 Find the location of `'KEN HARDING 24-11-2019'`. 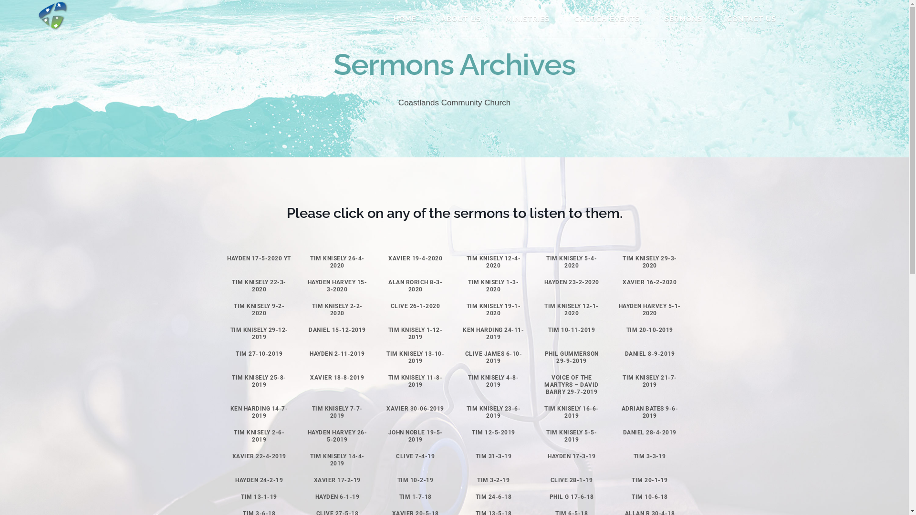

'KEN HARDING 24-11-2019' is located at coordinates (493, 333).